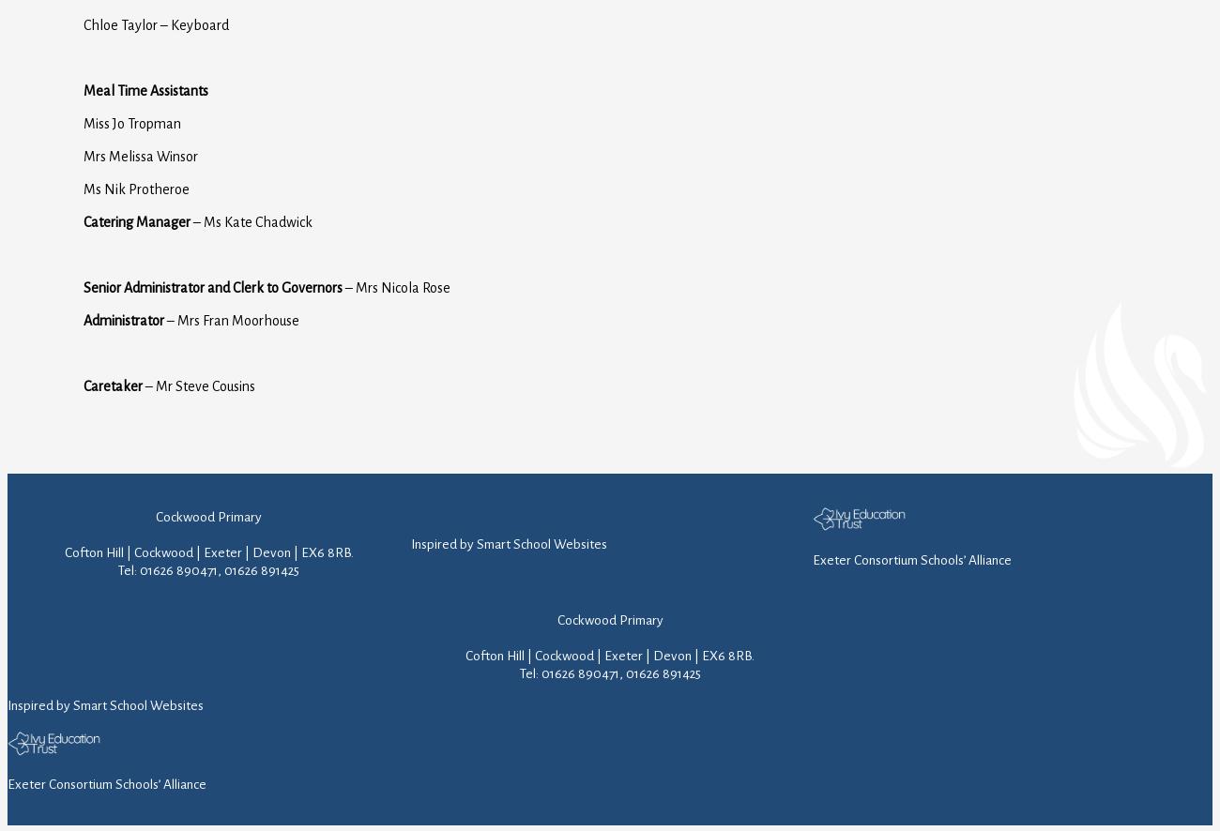 The width and height of the screenshot is (1220, 831). I want to click on '– Mr Steve Cousins', so click(141, 385).